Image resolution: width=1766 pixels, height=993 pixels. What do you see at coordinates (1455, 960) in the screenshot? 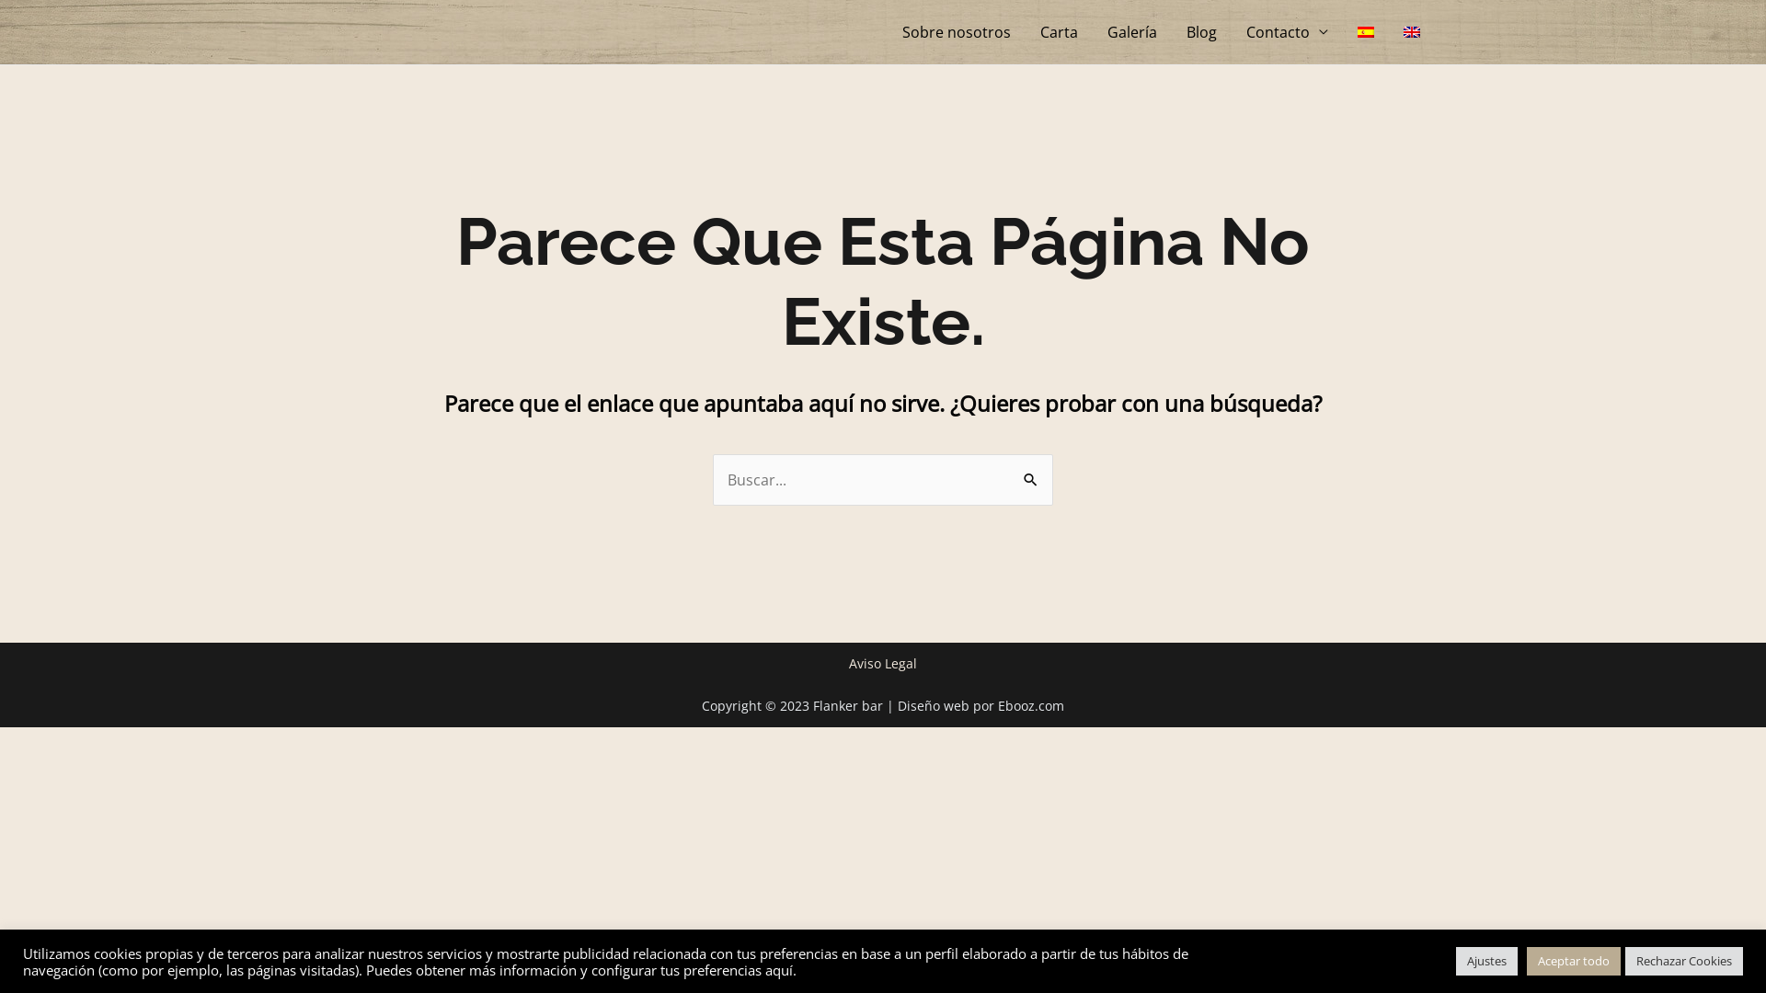
I see `'Ajustes'` at bounding box center [1455, 960].